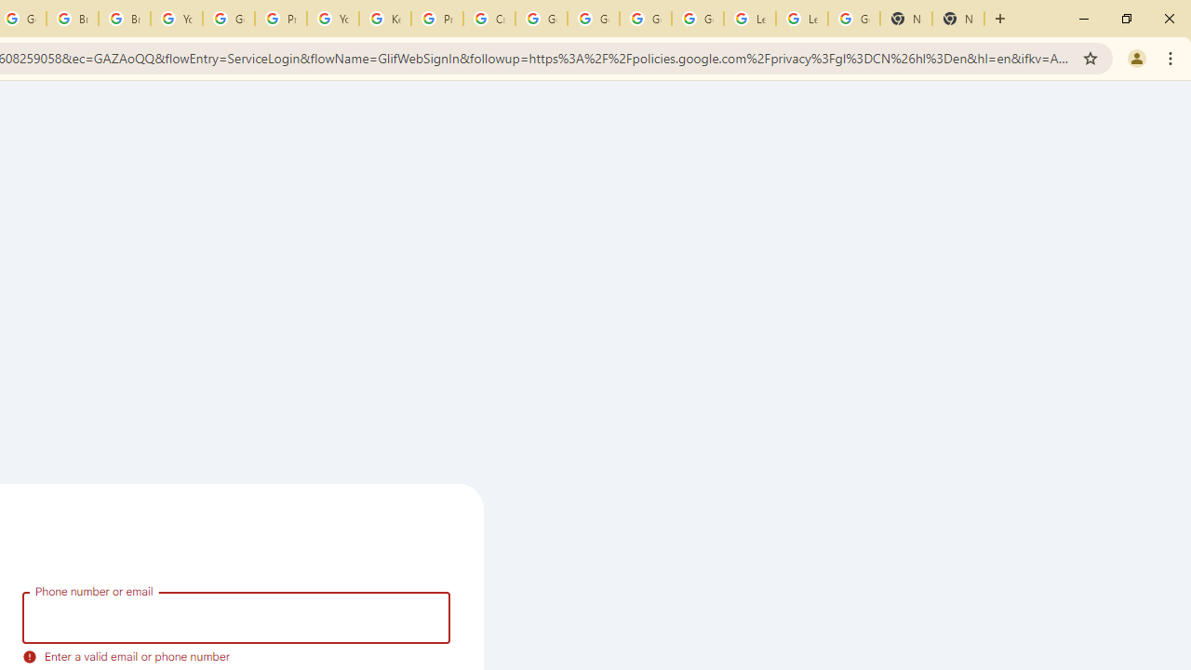 The height and width of the screenshot is (670, 1191). I want to click on 'Create your Google Account', so click(489, 19).